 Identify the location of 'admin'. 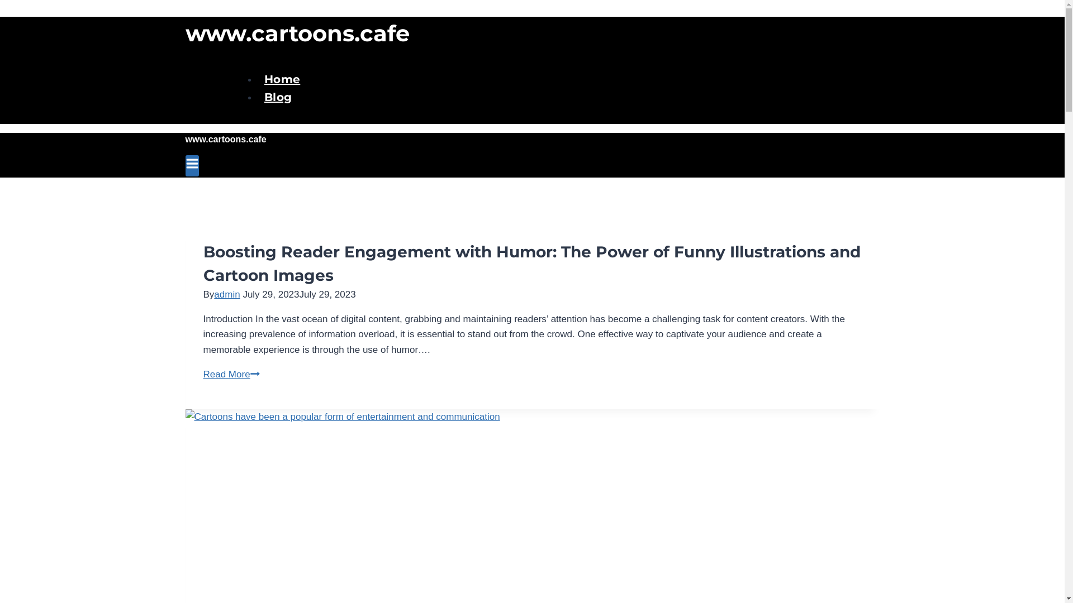
(226, 294).